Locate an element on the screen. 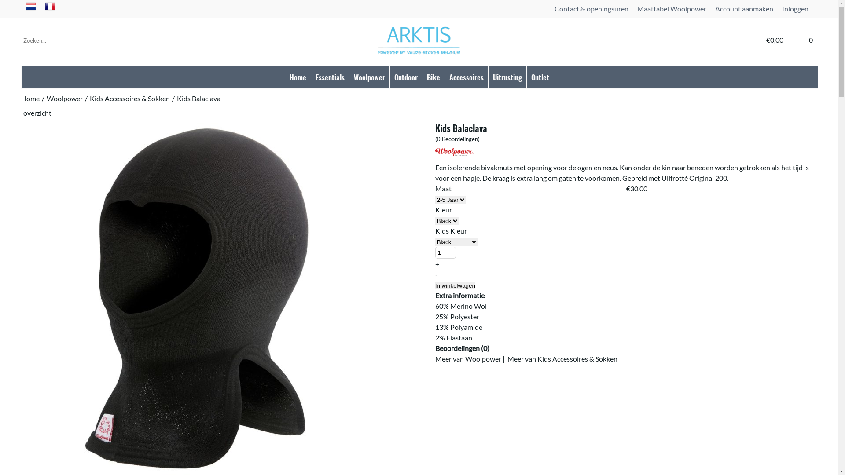 Image resolution: width=845 pixels, height=475 pixels. 'Meer van Kids Accessoires & Sokken' is located at coordinates (562, 358).